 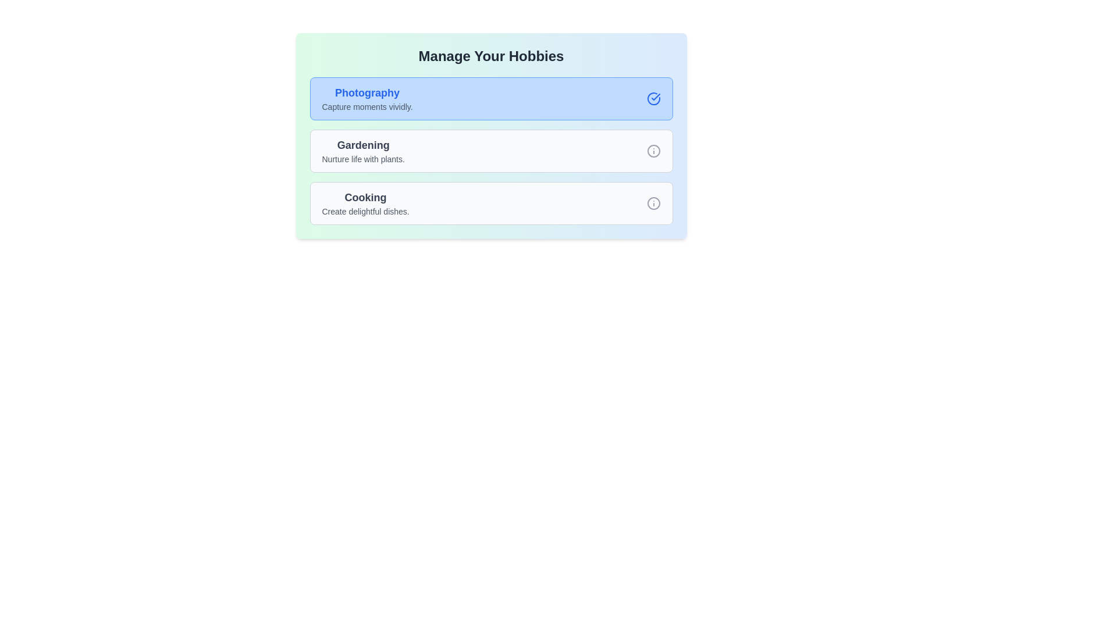 What do you see at coordinates (491, 203) in the screenshot?
I see `the hobby card with the name Cooking` at bounding box center [491, 203].